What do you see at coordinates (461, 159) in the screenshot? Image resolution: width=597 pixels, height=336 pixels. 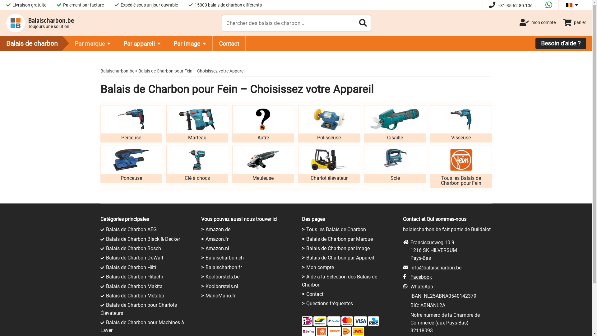 I see `'fein'` at bounding box center [461, 159].